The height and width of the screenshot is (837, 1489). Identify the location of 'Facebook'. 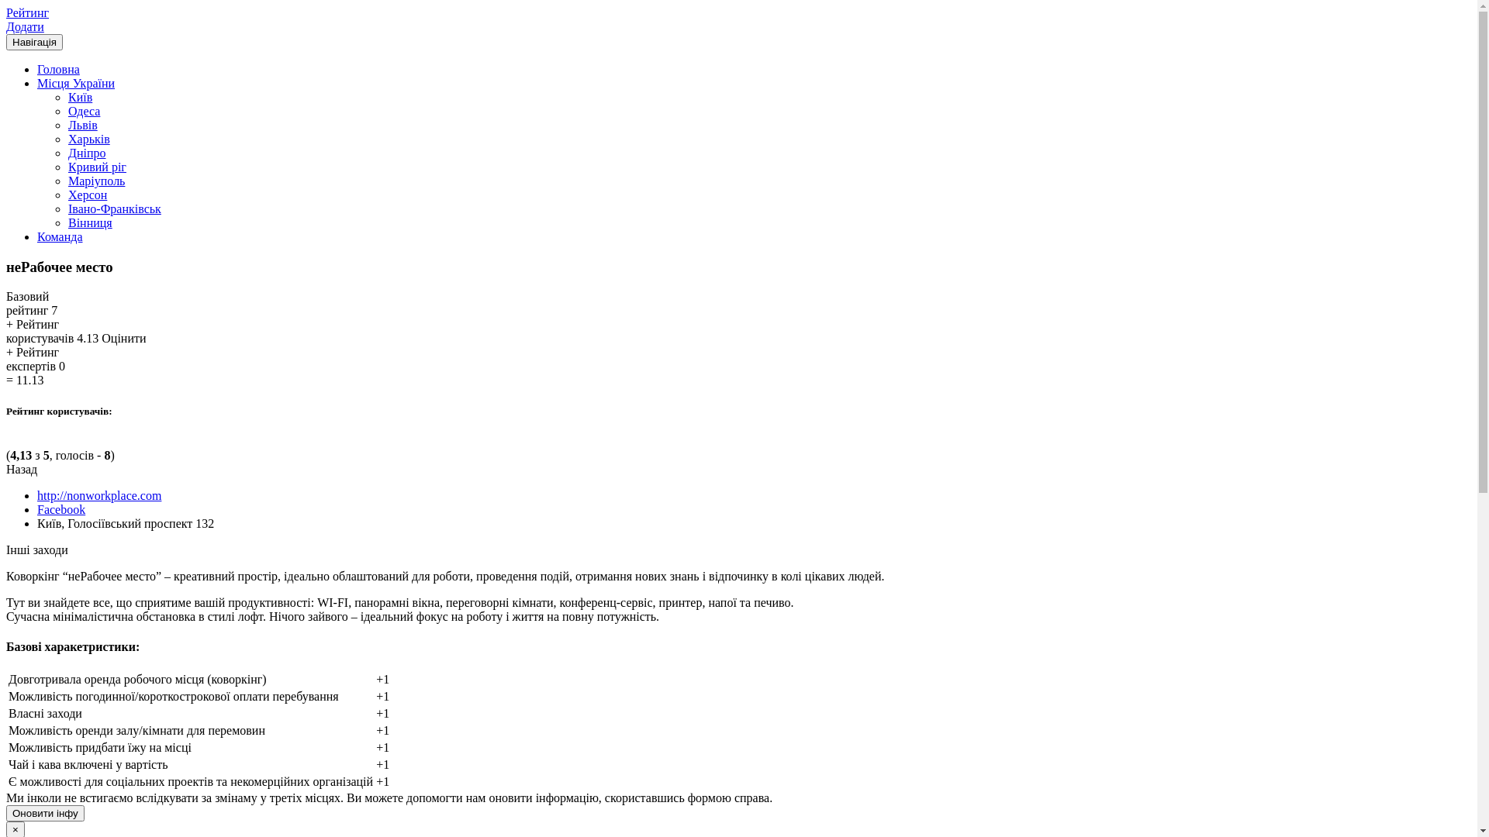
(60, 509).